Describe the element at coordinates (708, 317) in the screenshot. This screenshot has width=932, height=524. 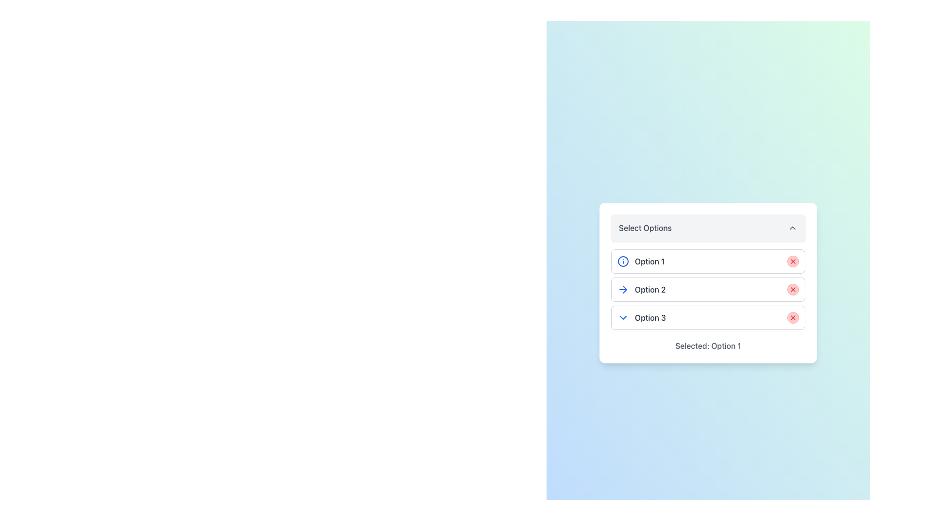
I see `the 'Option 3' list item with interactive controls` at that location.